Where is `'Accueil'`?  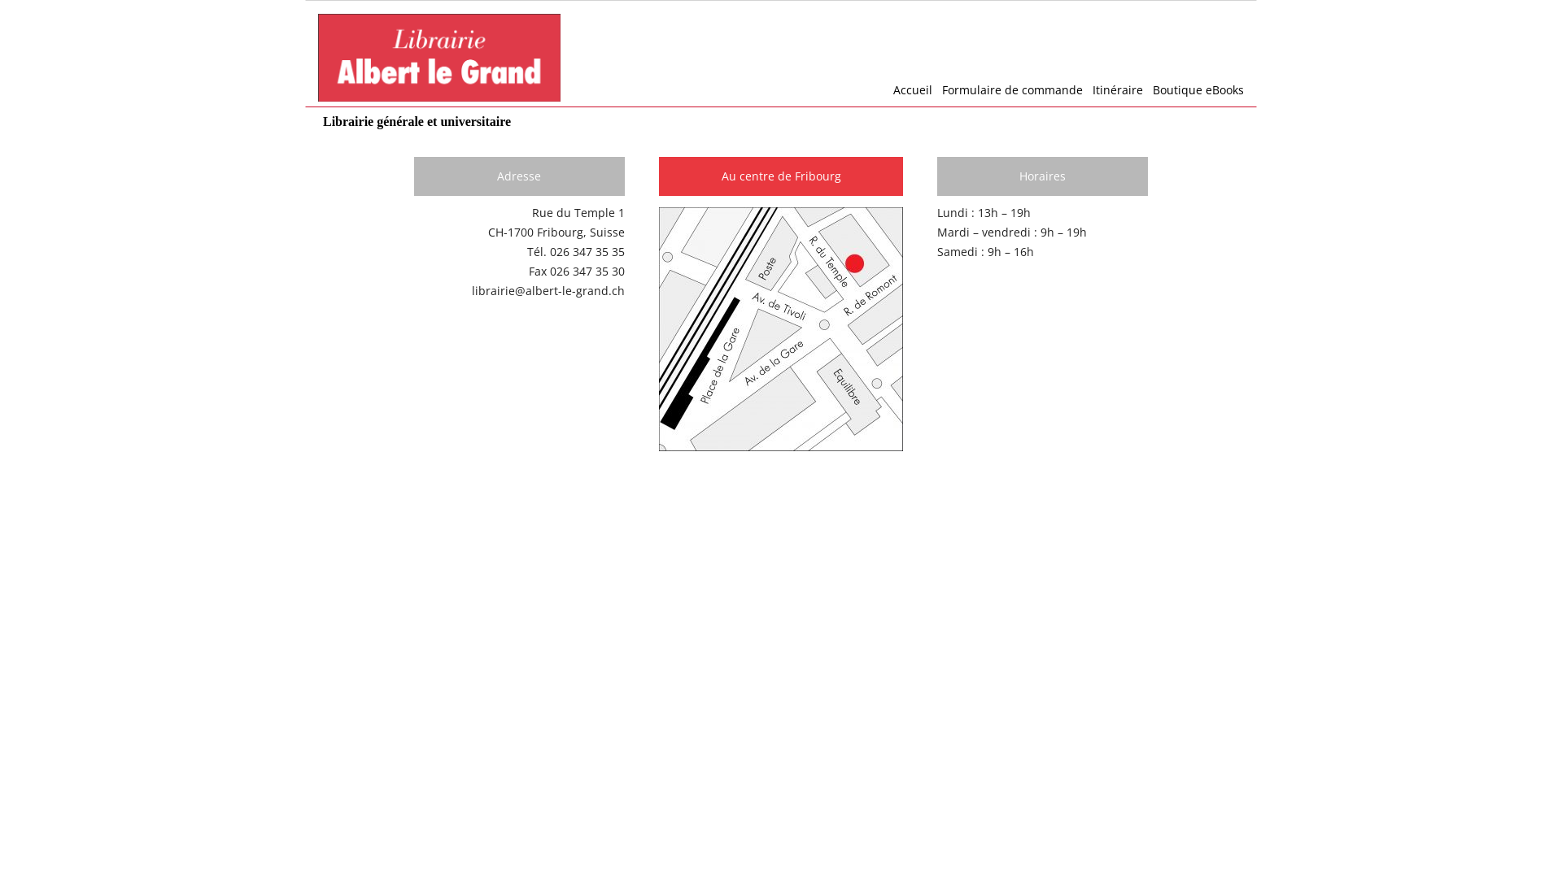 'Accueil' is located at coordinates (907, 90).